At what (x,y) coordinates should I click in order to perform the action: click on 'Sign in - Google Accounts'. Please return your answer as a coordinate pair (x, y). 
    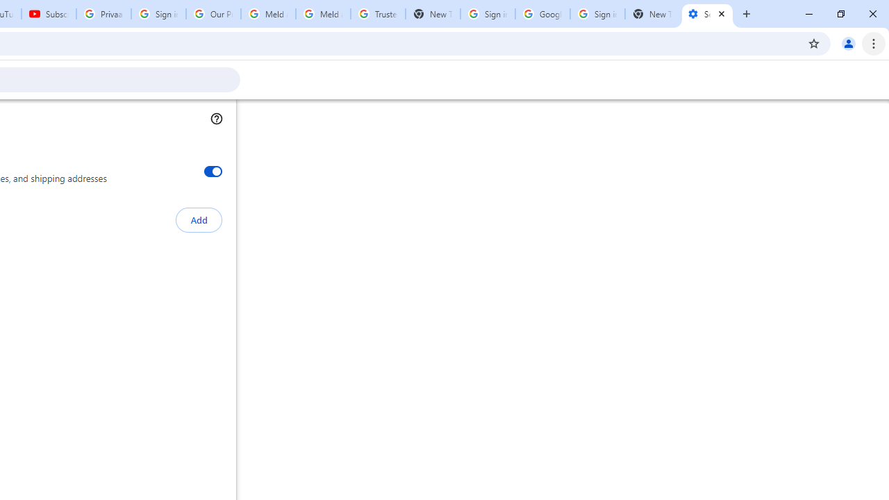
    Looking at the image, I should click on (488, 14).